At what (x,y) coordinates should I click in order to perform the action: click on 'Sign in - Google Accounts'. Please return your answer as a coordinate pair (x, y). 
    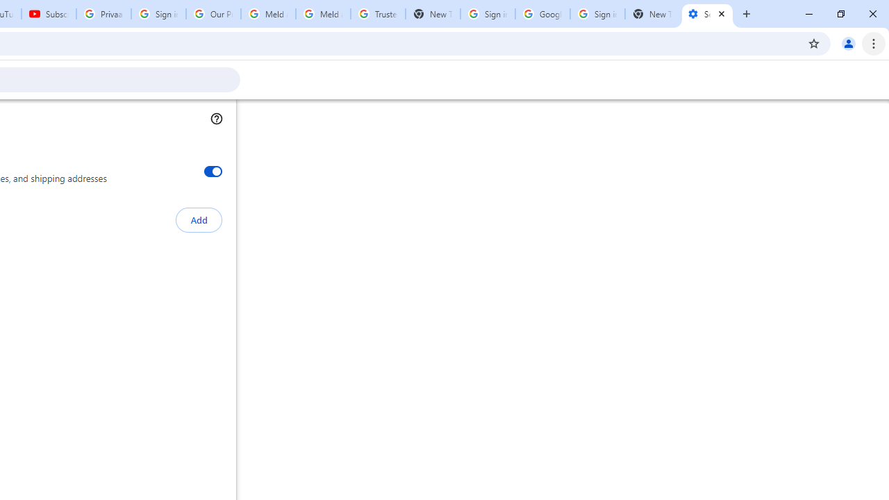
    Looking at the image, I should click on (488, 14).